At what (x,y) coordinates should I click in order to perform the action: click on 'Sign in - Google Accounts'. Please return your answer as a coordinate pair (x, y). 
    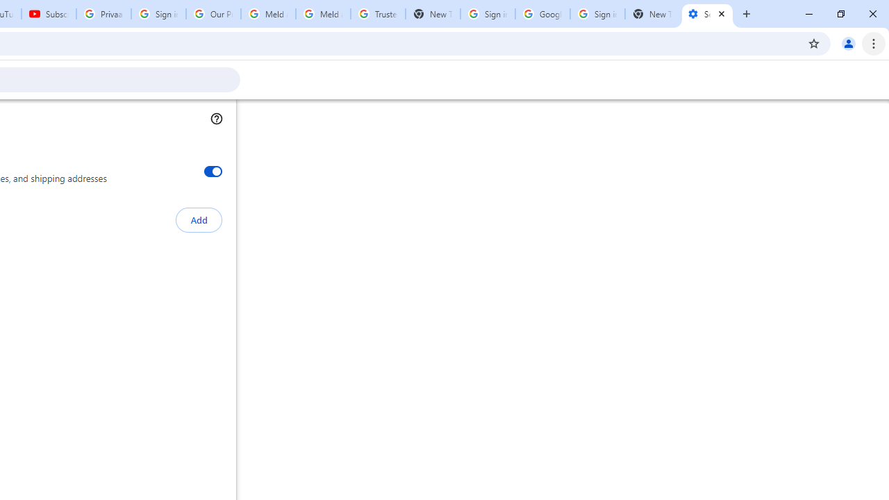
    Looking at the image, I should click on (488, 14).